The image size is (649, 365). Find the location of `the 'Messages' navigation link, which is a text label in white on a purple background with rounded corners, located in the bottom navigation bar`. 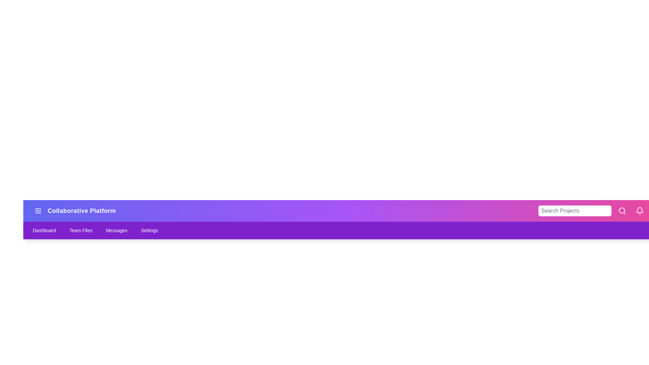

the 'Messages' navigation link, which is a text label in white on a purple background with rounded corners, located in the bottom navigation bar is located at coordinates (117, 230).